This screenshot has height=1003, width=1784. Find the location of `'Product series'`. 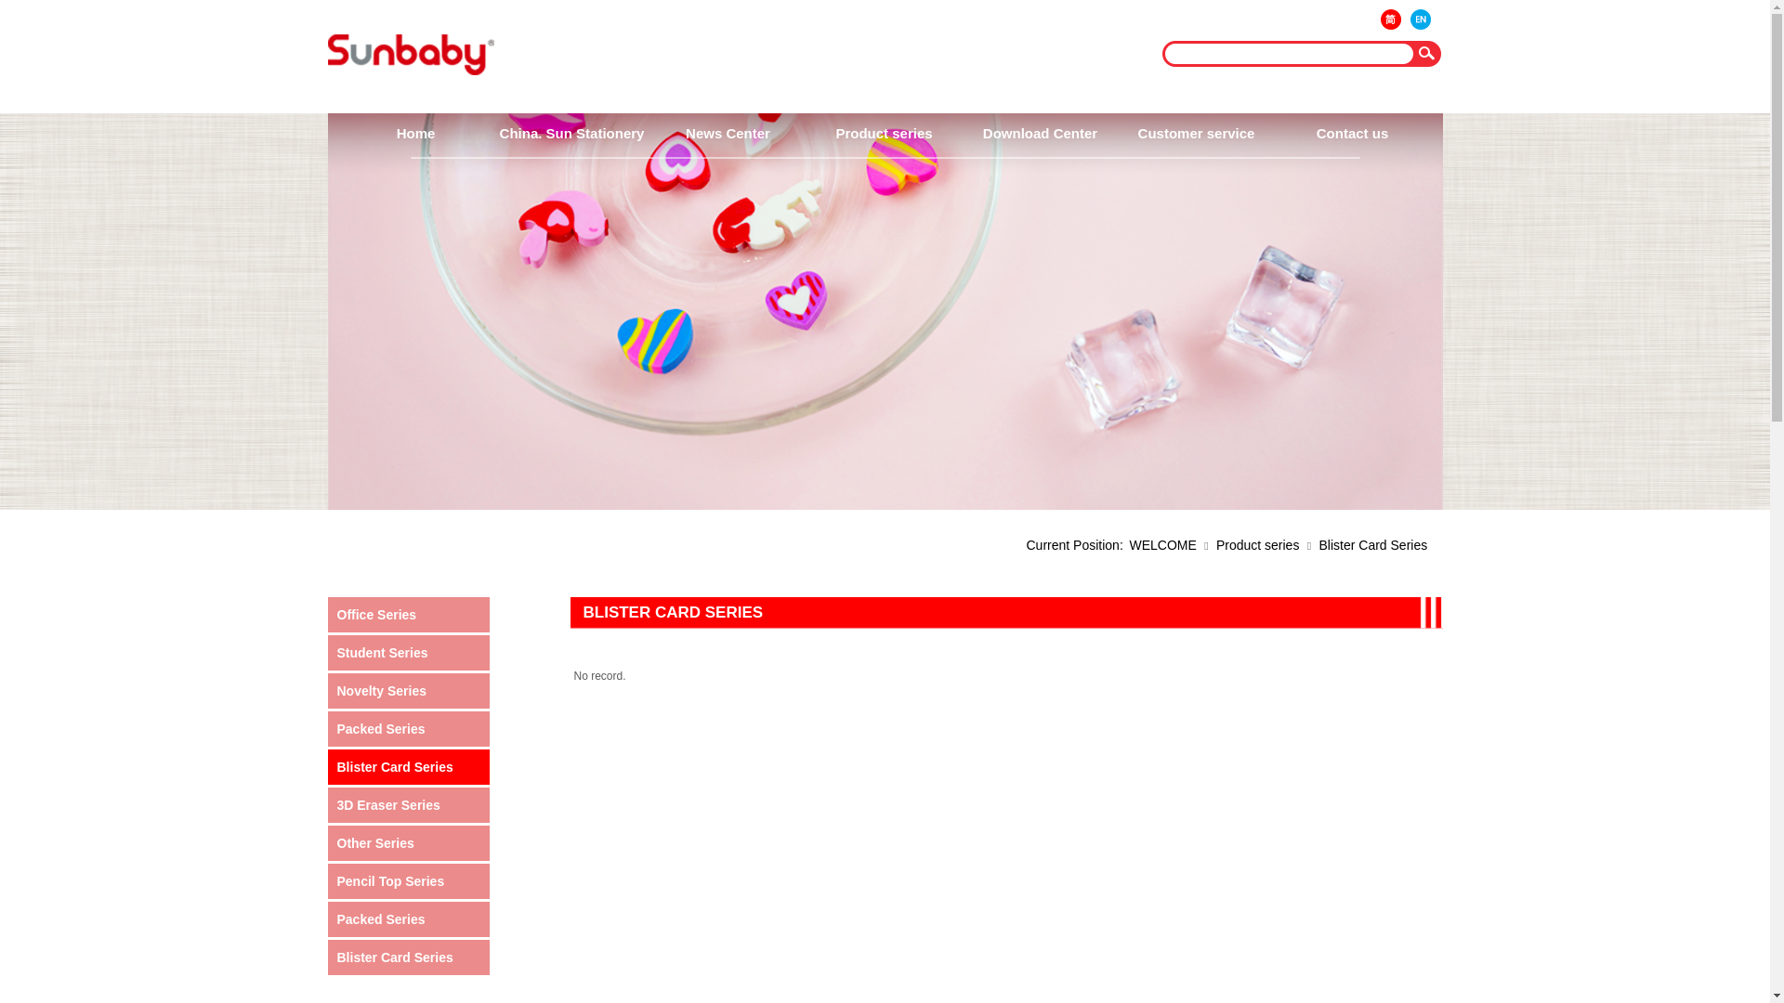

'Product series' is located at coordinates (1257, 543).